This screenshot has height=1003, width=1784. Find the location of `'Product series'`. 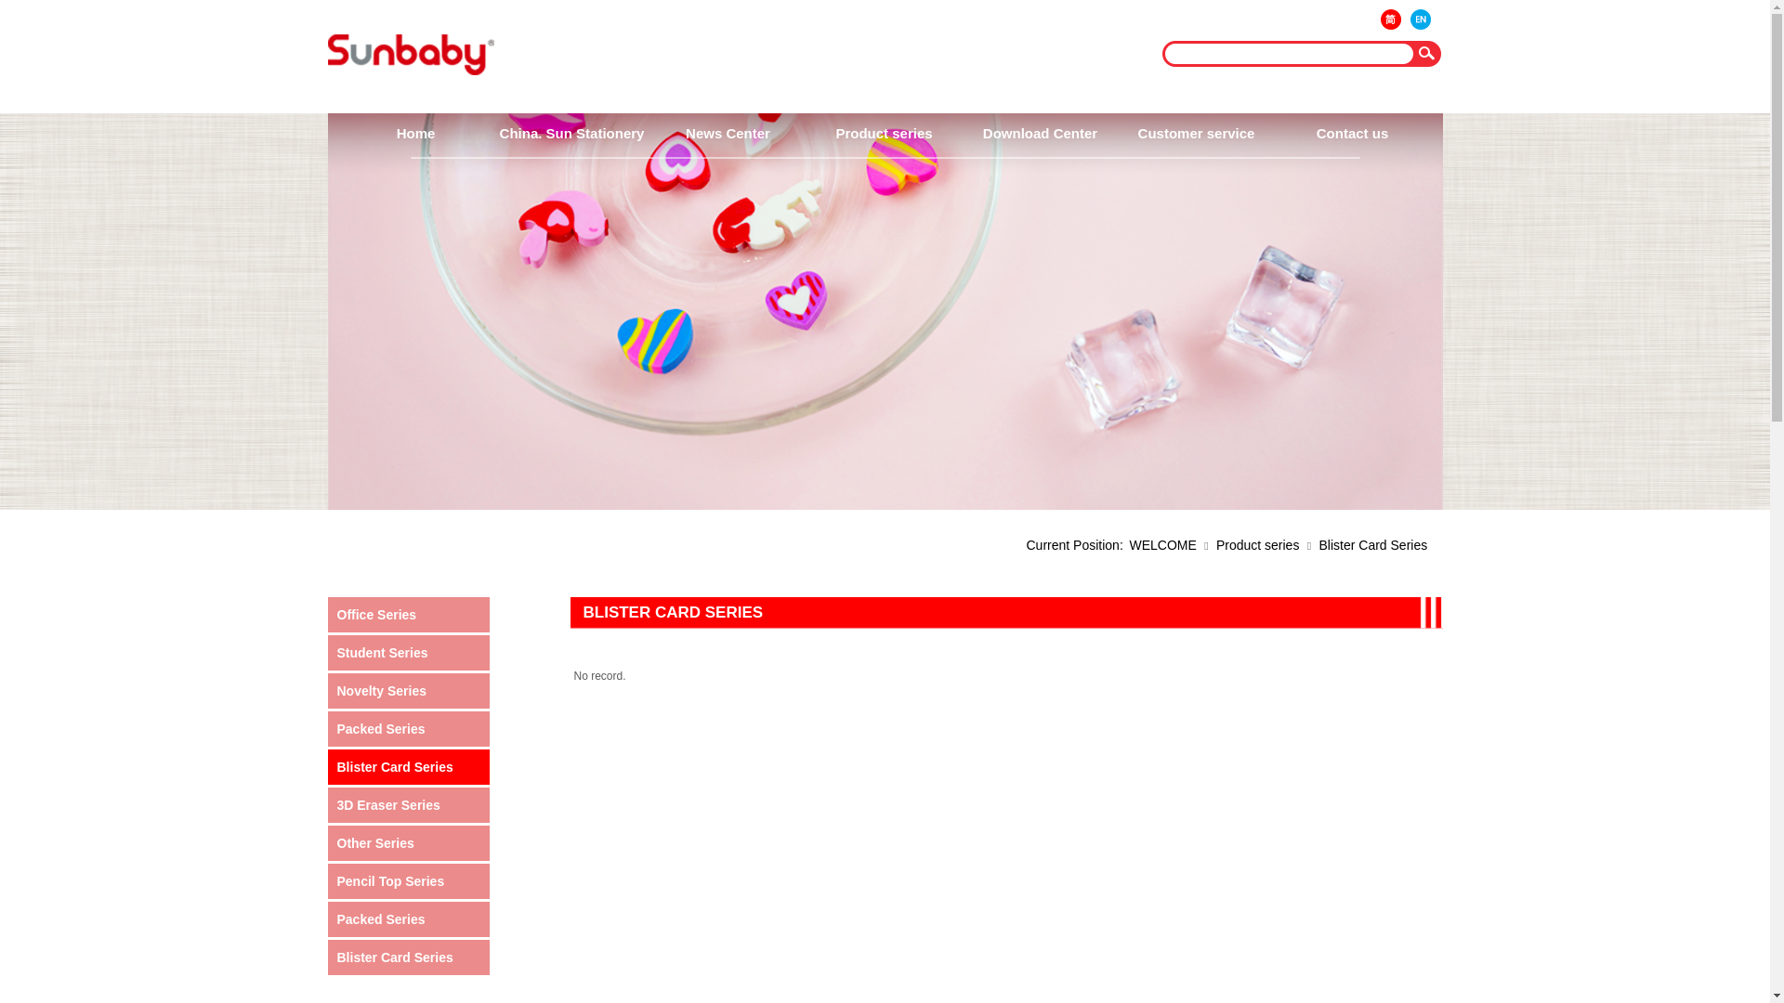

'Product series' is located at coordinates (1257, 543).